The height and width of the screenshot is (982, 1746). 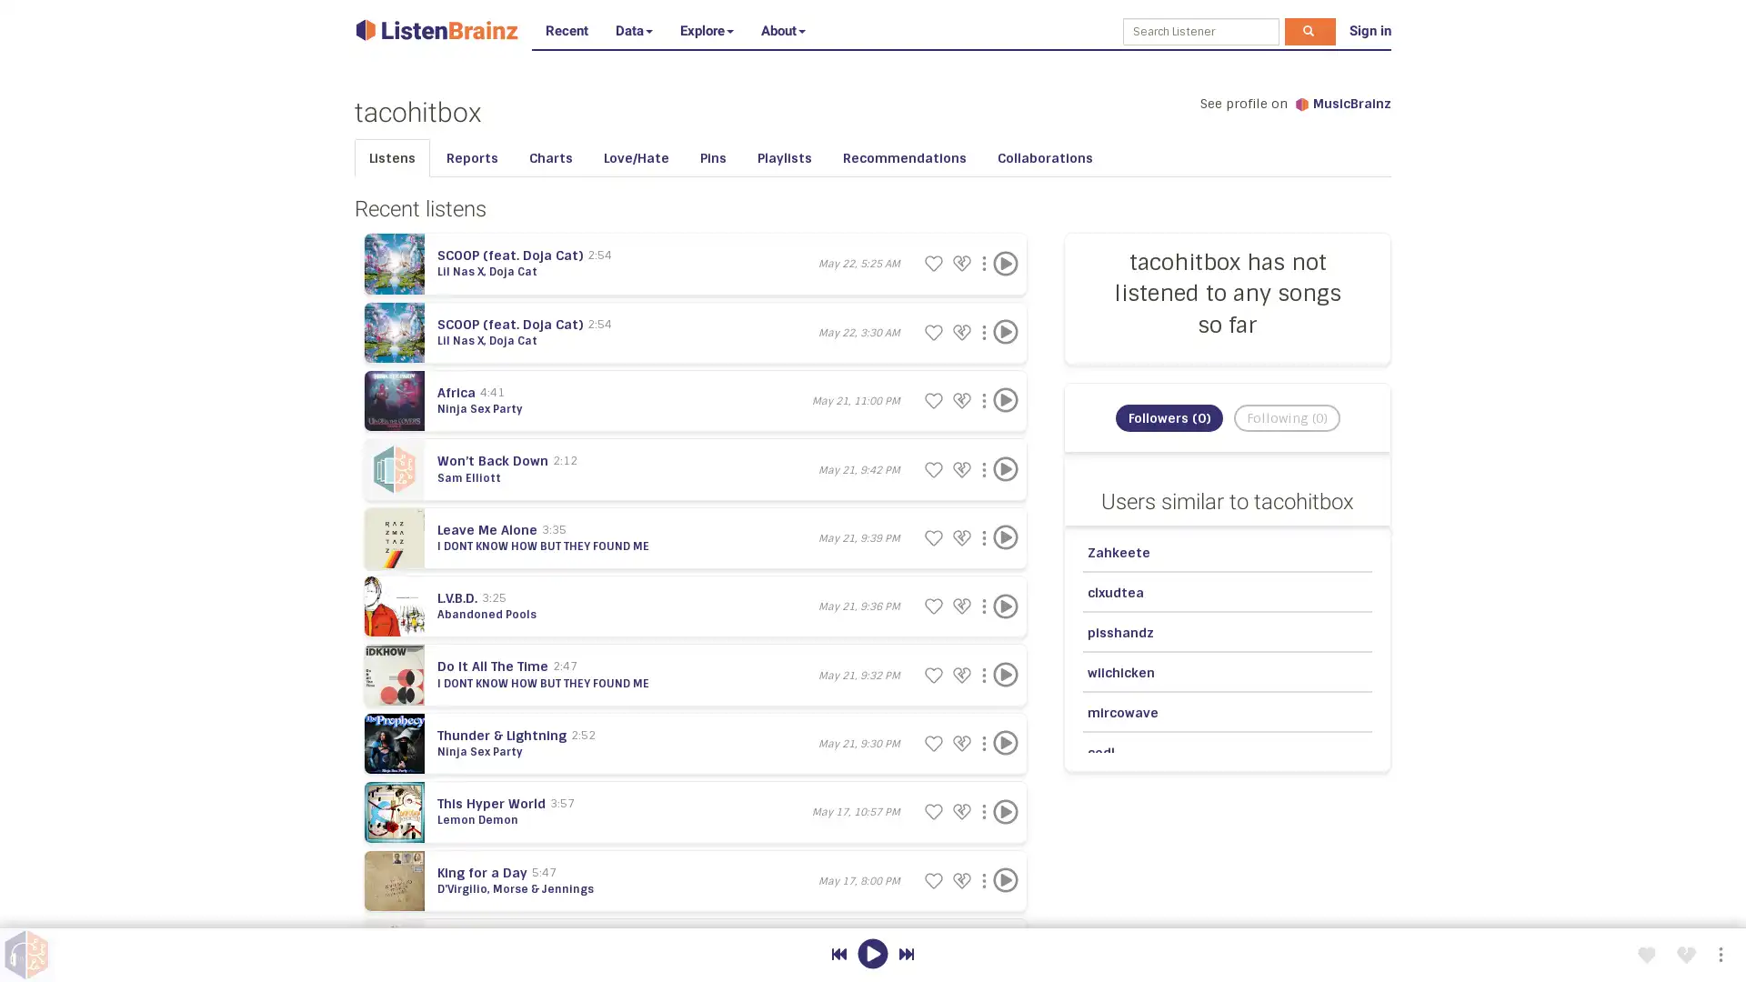 What do you see at coordinates (1004, 332) in the screenshot?
I see `Play` at bounding box center [1004, 332].